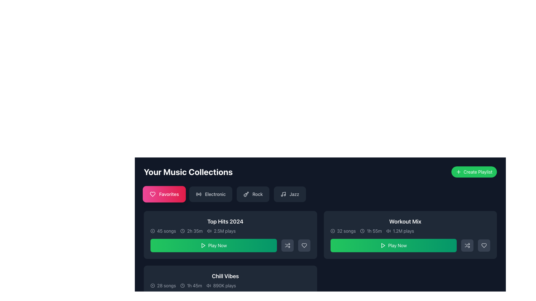  What do you see at coordinates (191, 286) in the screenshot?
I see `the informational label displaying '1h 45m' next to a clock icon in the 'Chill Vibes' section` at bounding box center [191, 286].